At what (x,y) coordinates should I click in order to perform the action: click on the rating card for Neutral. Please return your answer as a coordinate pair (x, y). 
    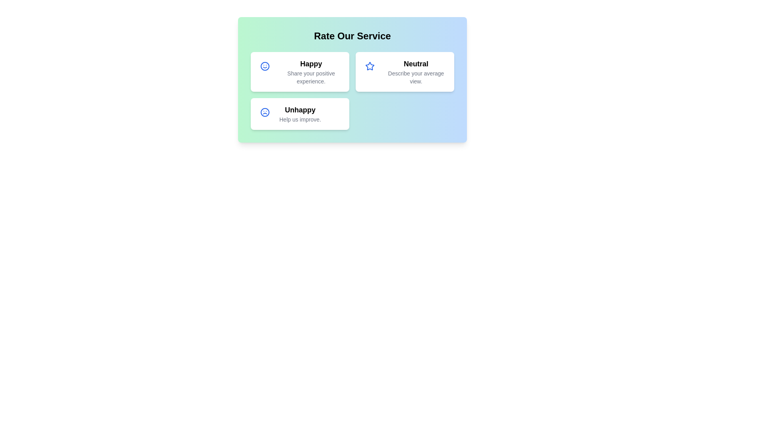
    Looking at the image, I should click on (405, 72).